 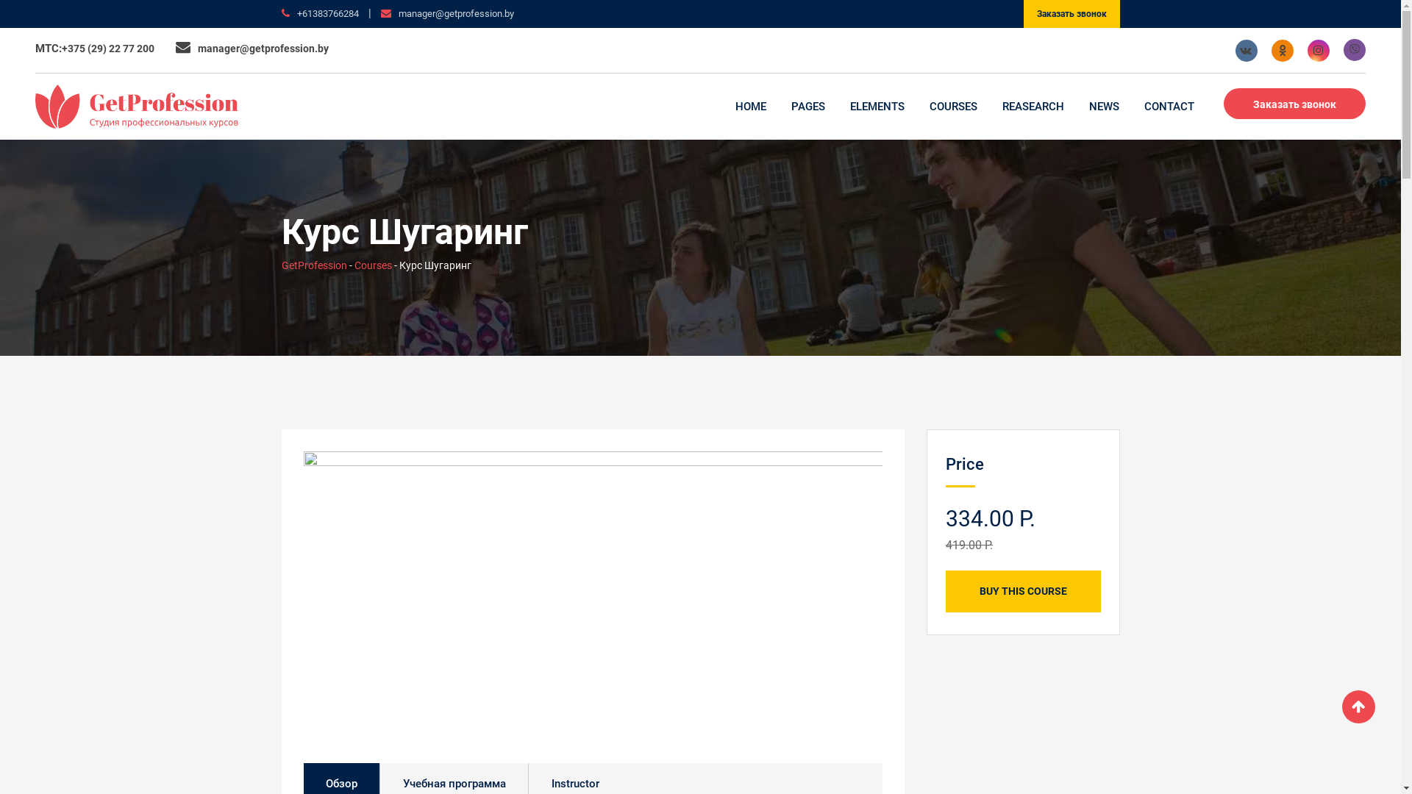 What do you see at coordinates (724, 106) in the screenshot?
I see `'HOME'` at bounding box center [724, 106].